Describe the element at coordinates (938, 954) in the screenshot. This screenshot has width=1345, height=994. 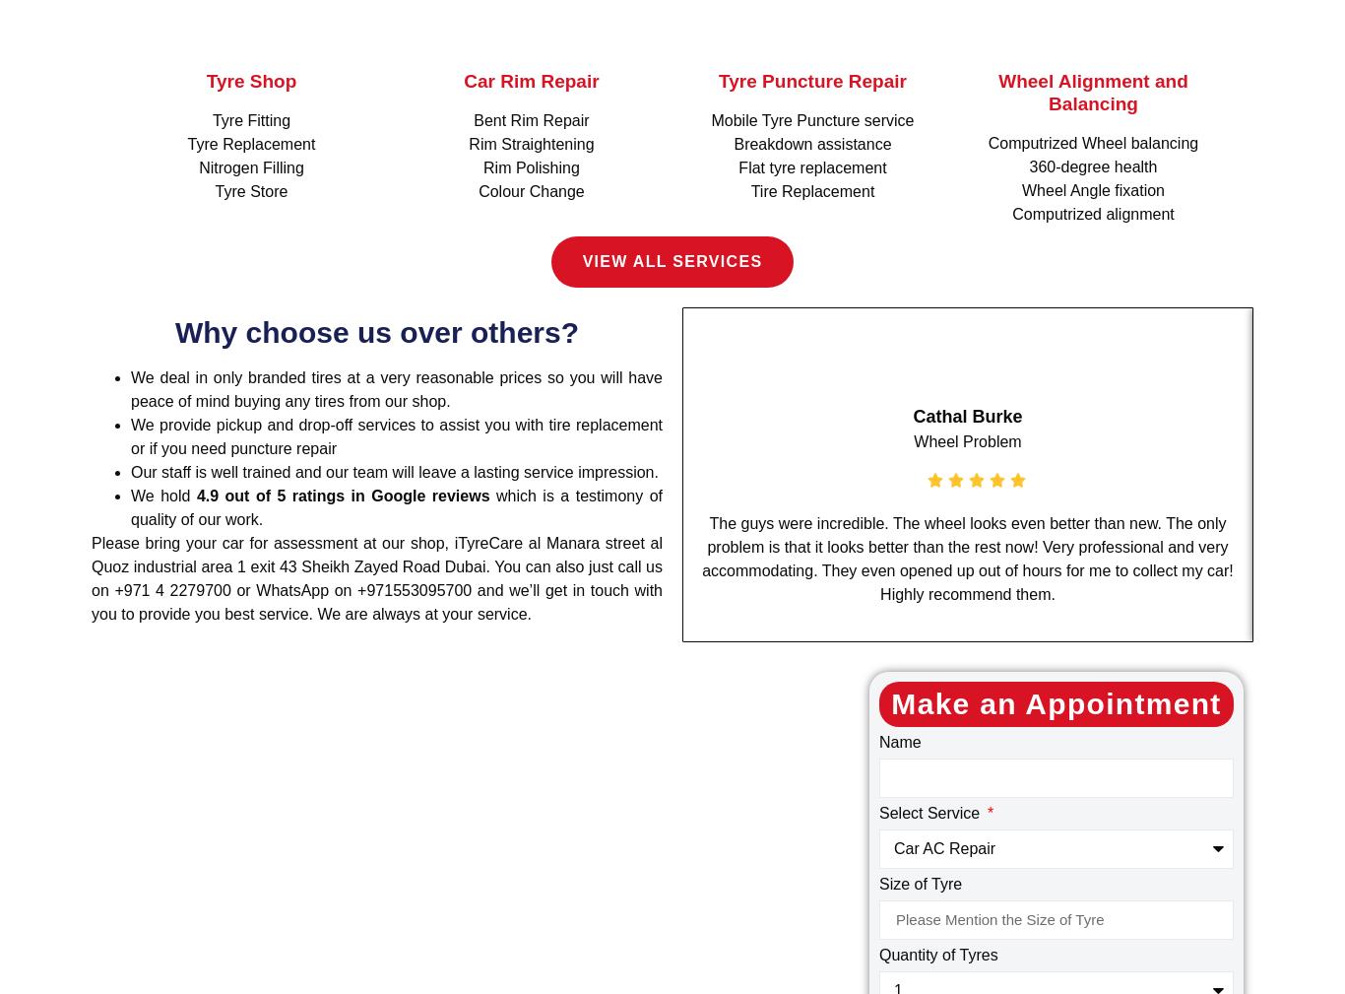
I see `'Quantity of Tyres'` at that location.